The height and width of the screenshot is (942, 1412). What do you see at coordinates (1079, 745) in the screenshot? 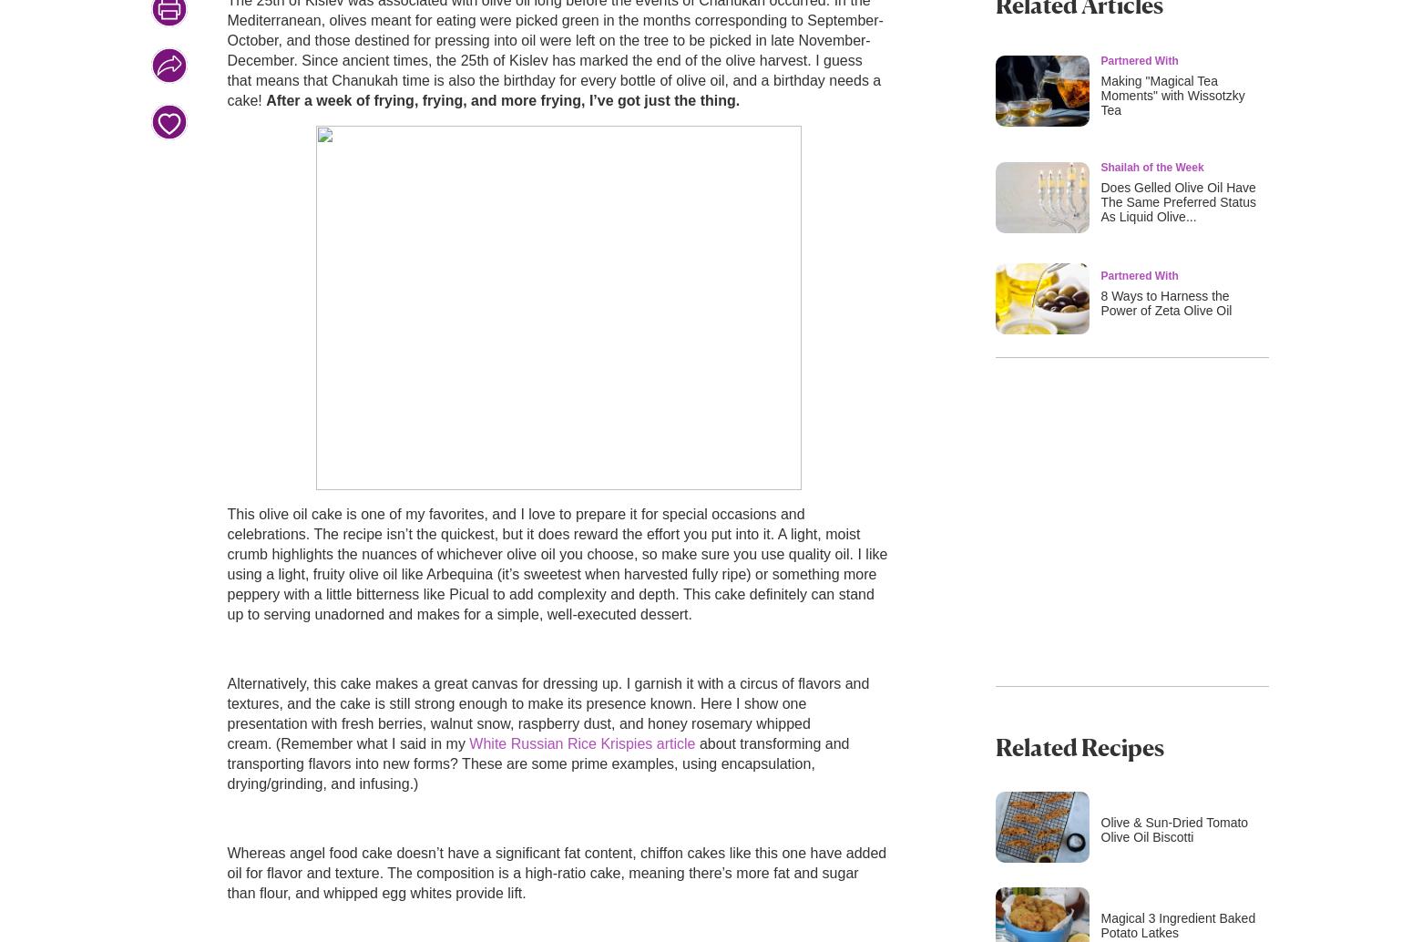
I see `'Related Recipes'` at bounding box center [1079, 745].